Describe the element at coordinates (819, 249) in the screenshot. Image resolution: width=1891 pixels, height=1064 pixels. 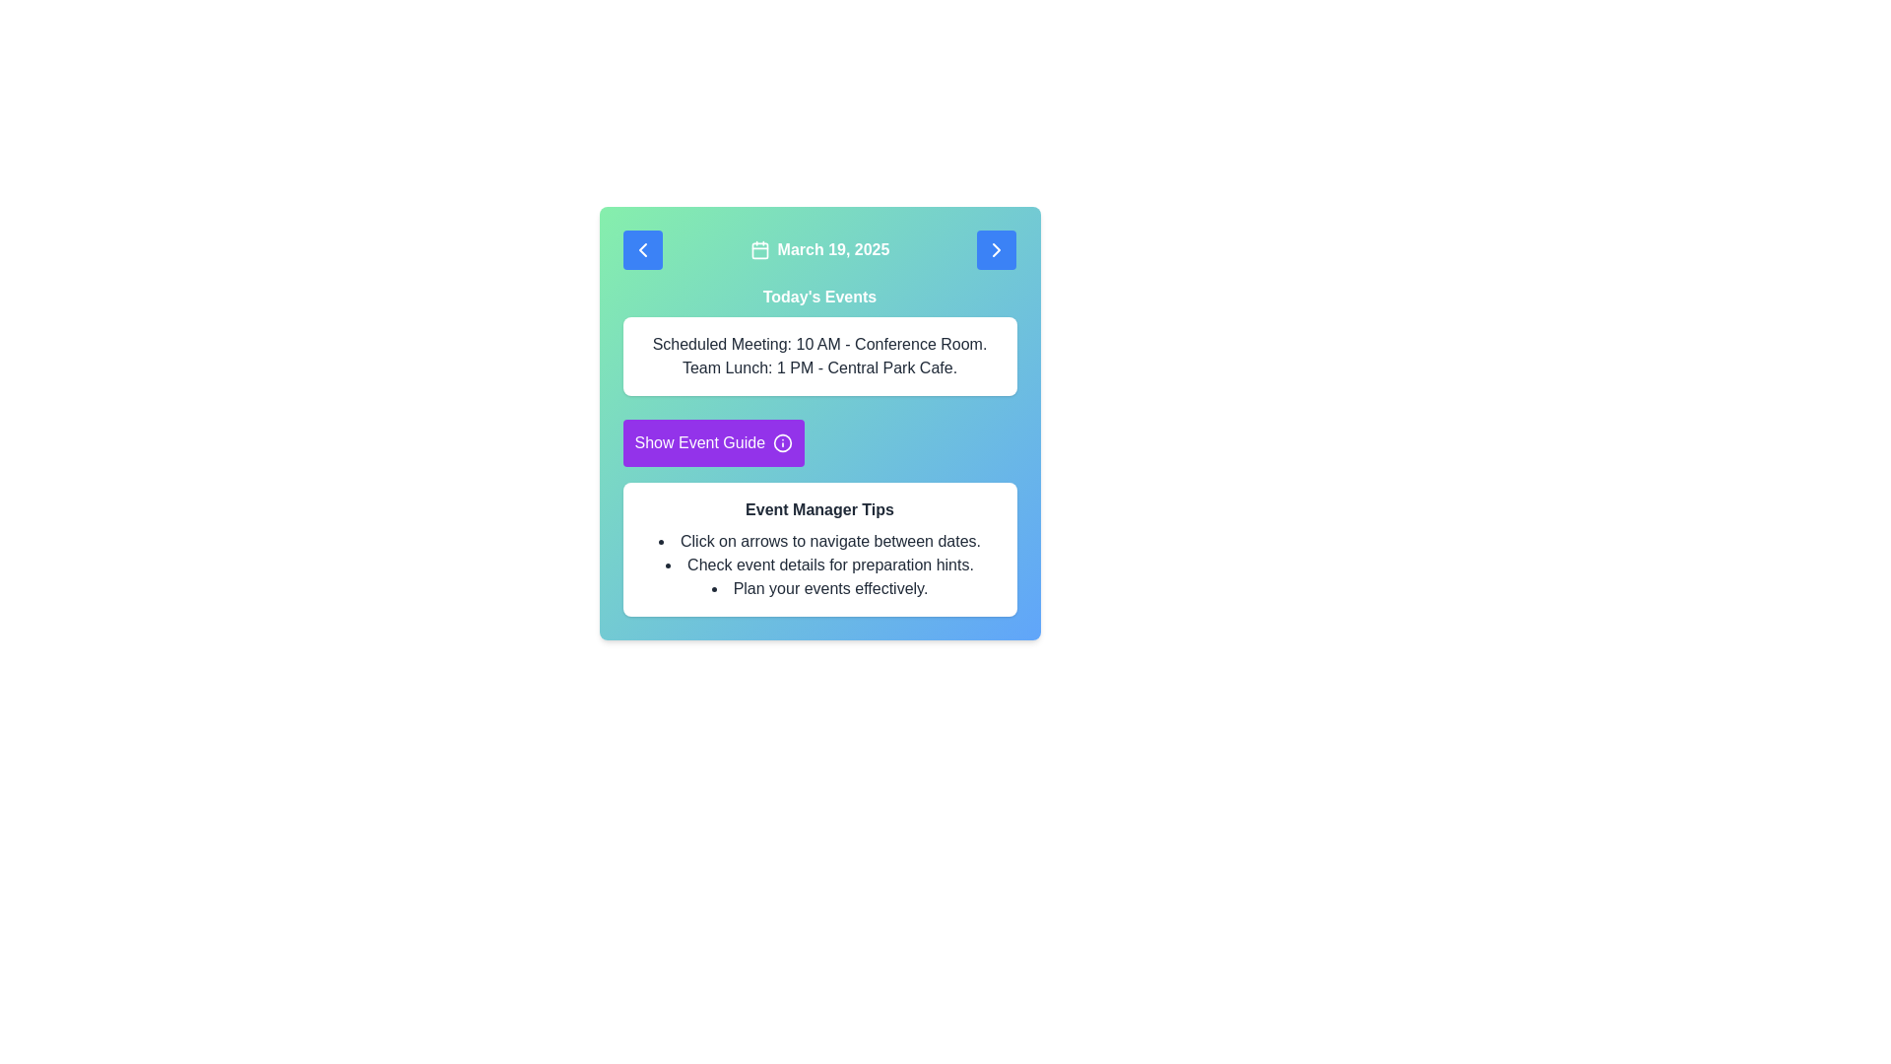
I see `the date display showing 'March 19, 2025', which is part of the header for event details, located near the top of the interface` at that location.